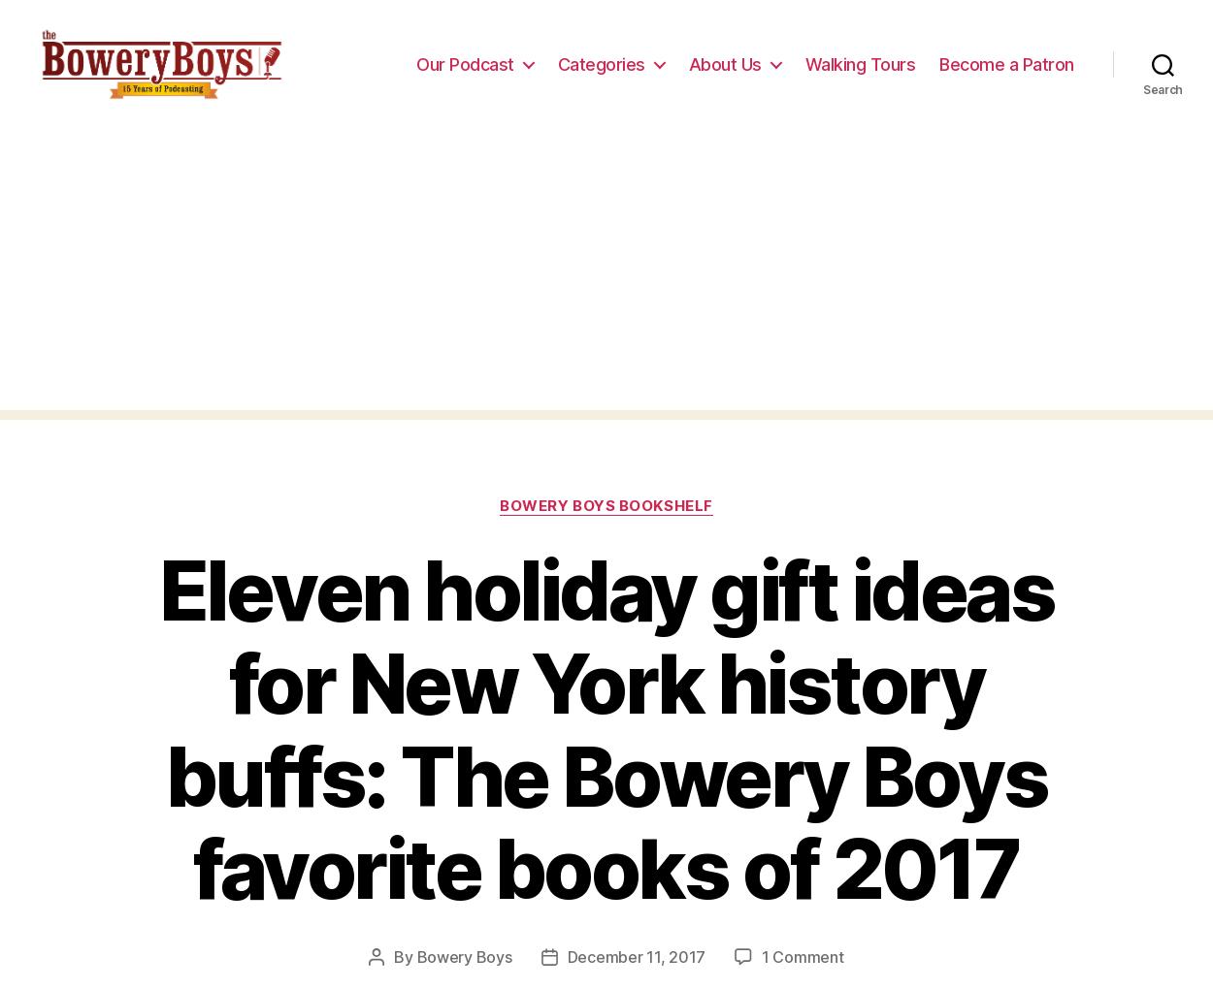 The height and width of the screenshot is (989, 1213). Describe the element at coordinates (324, 148) in the screenshot. I see `'https://uploads.disquscdn.com/images/ed91fb6ef70abfc60011d4fafaf0f7b727c9dfdb6ecf62f657531c267524829e.jpg'` at that location.